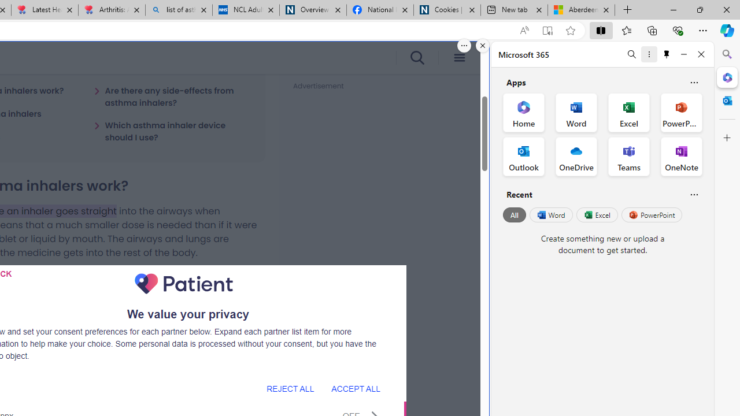  What do you see at coordinates (178, 10) in the screenshot?
I see `'list of asthma inhalers uk - Search'` at bounding box center [178, 10].